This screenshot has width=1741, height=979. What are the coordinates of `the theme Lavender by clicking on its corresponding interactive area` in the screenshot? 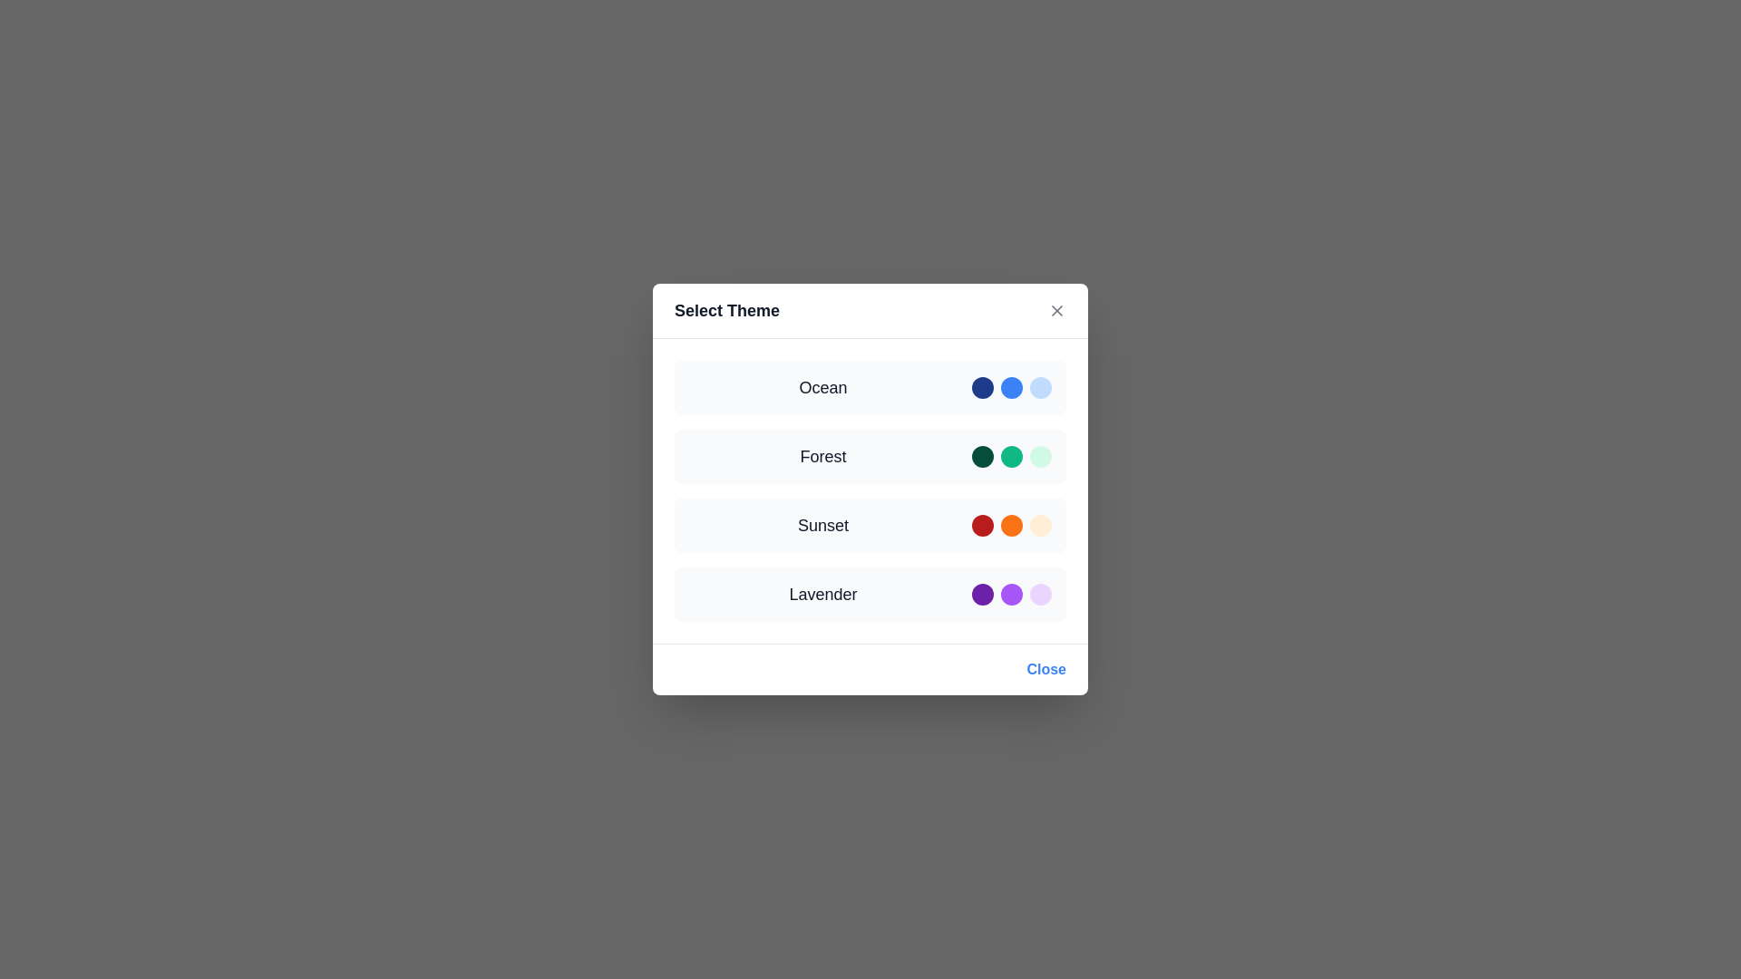 It's located at (870, 594).